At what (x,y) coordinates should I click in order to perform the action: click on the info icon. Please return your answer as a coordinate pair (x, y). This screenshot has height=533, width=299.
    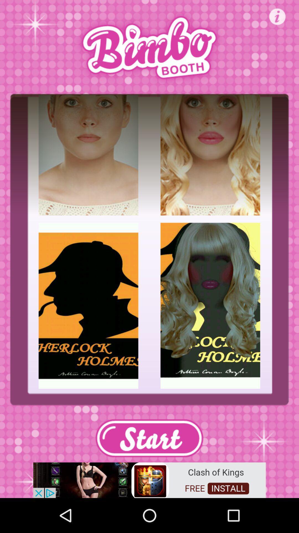
    Looking at the image, I should click on (277, 16).